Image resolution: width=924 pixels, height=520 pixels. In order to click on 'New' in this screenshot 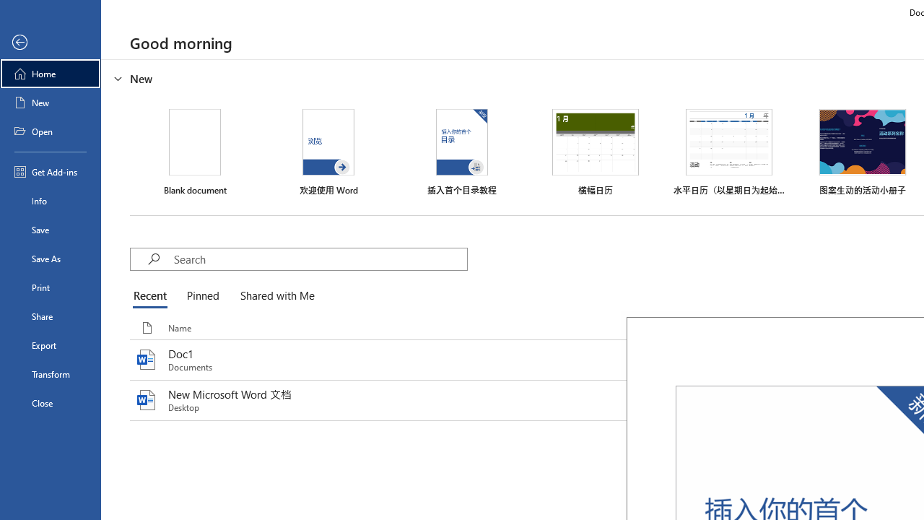, I will do `click(50, 101)`.